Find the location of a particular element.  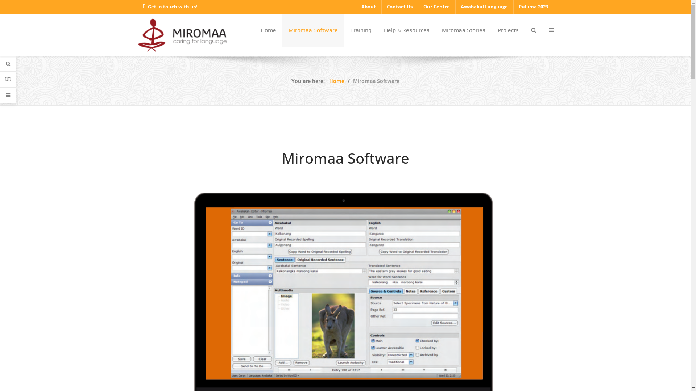

'Miromaa Stories' is located at coordinates (463, 30).